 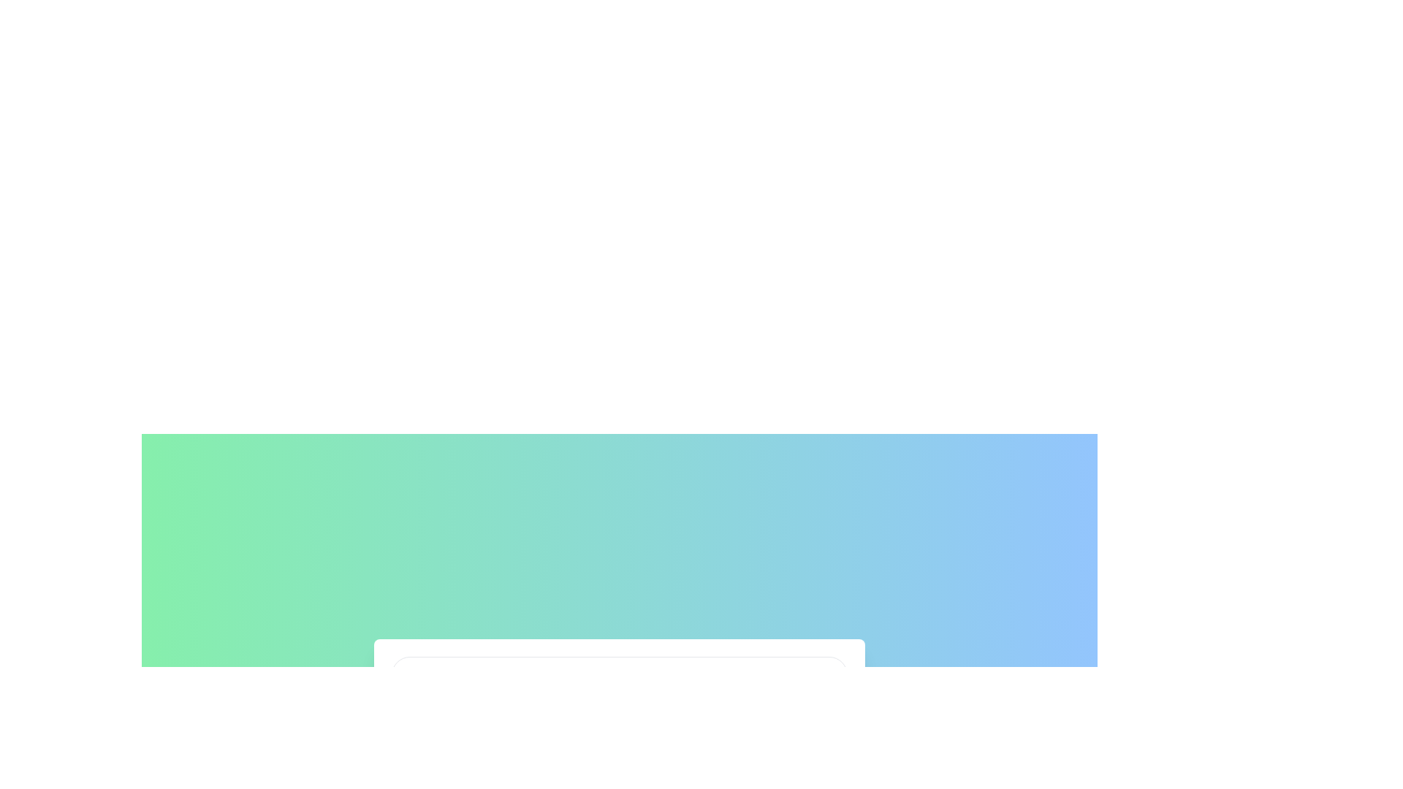 What do you see at coordinates (410, 674) in the screenshot?
I see `the SVG Circle element` at bounding box center [410, 674].